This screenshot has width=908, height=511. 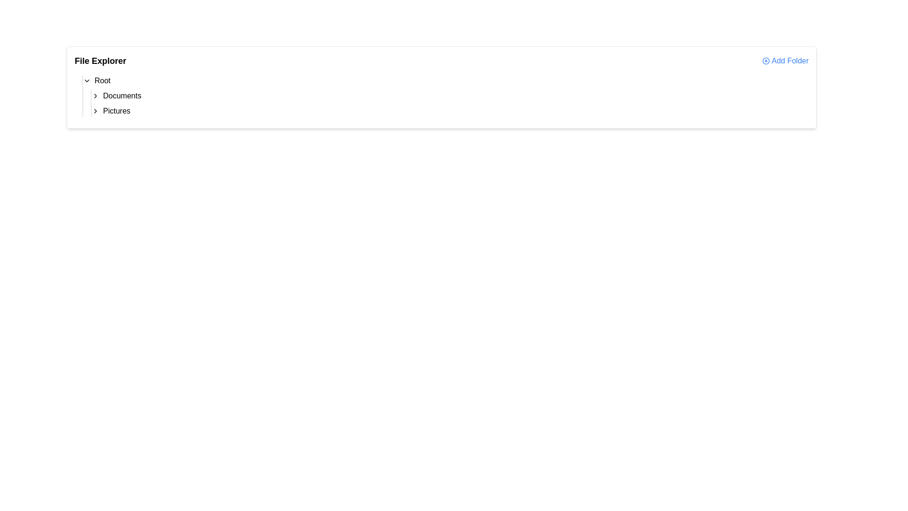 I want to click on the circular plus icon located at the top-right corner of the file explorer section, so click(x=766, y=61).